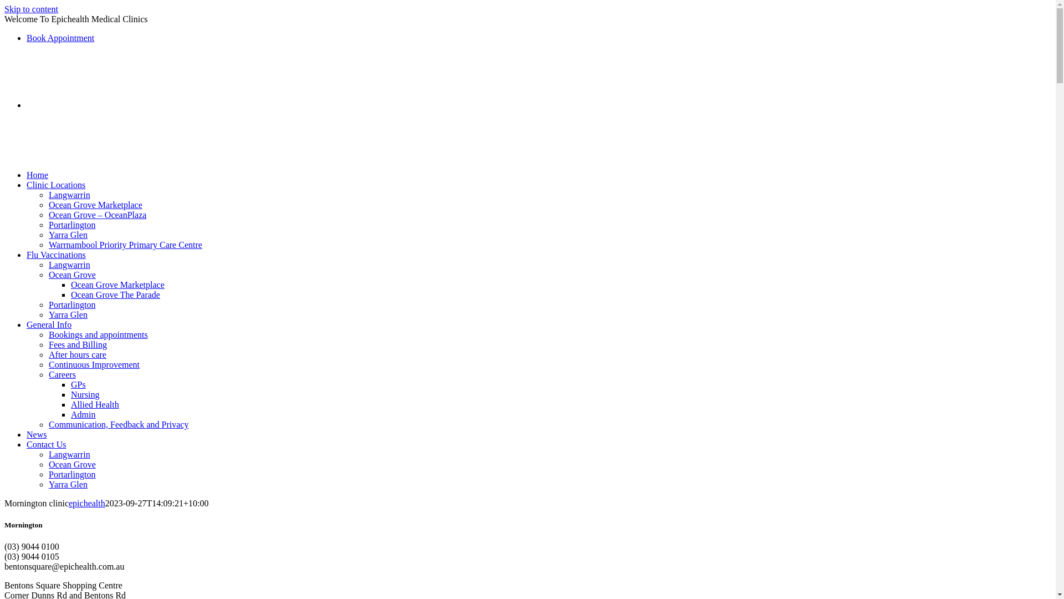 The width and height of the screenshot is (1064, 599). What do you see at coordinates (98, 334) in the screenshot?
I see `'Bookings and appointments'` at bounding box center [98, 334].